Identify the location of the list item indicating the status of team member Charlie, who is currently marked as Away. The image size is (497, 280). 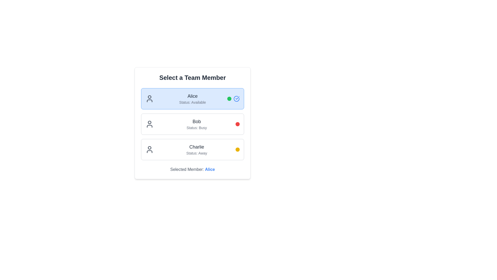
(192, 150).